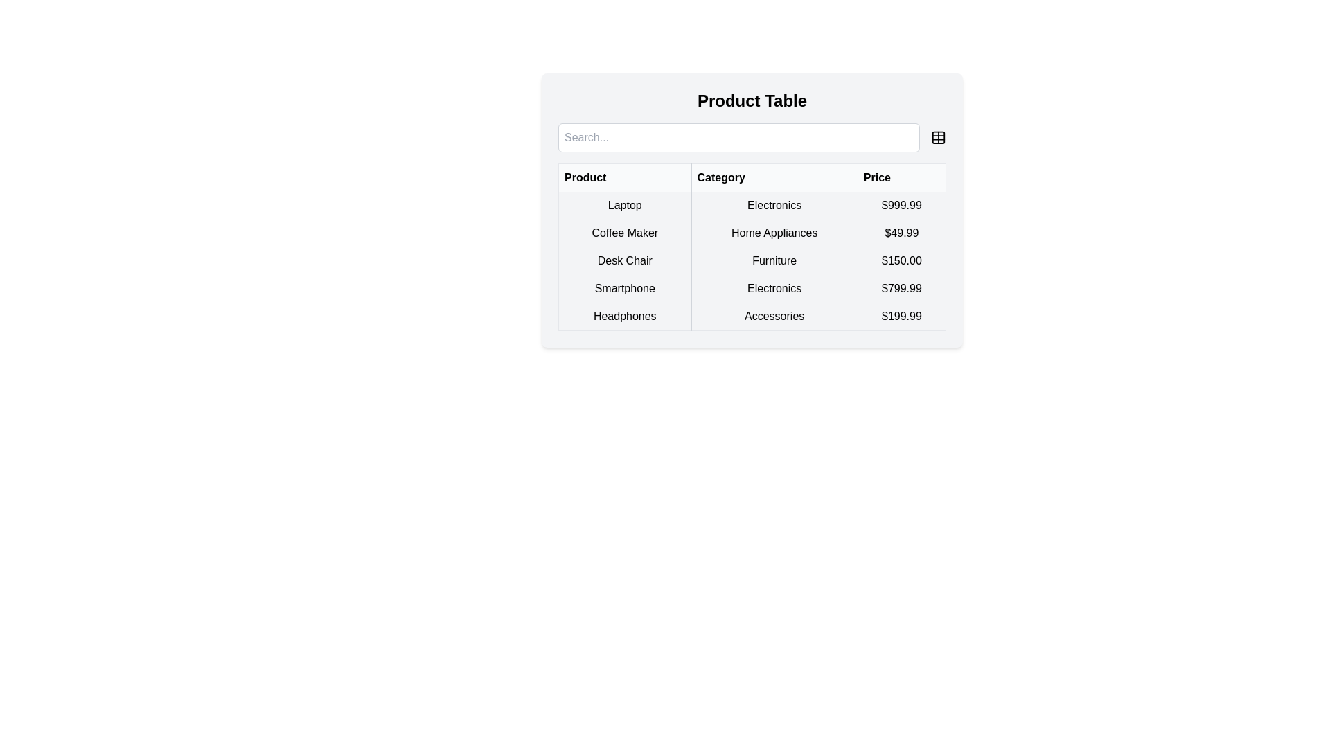 The width and height of the screenshot is (1330, 748). I want to click on the static text element in the second cell of the 'Category' column associated with the 'Headphones' row, which serves as a label or indicator of the category, so click(774, 317).